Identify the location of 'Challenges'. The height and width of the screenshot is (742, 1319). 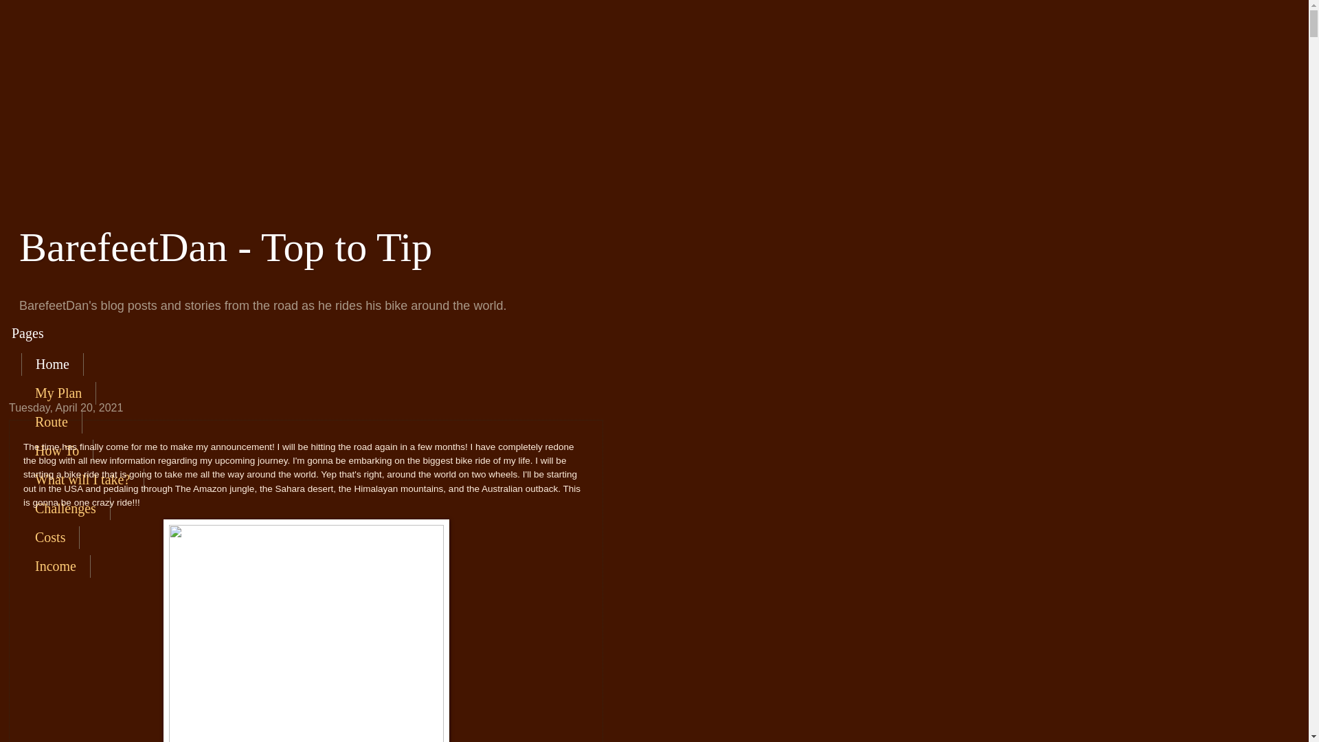
(65, 508).